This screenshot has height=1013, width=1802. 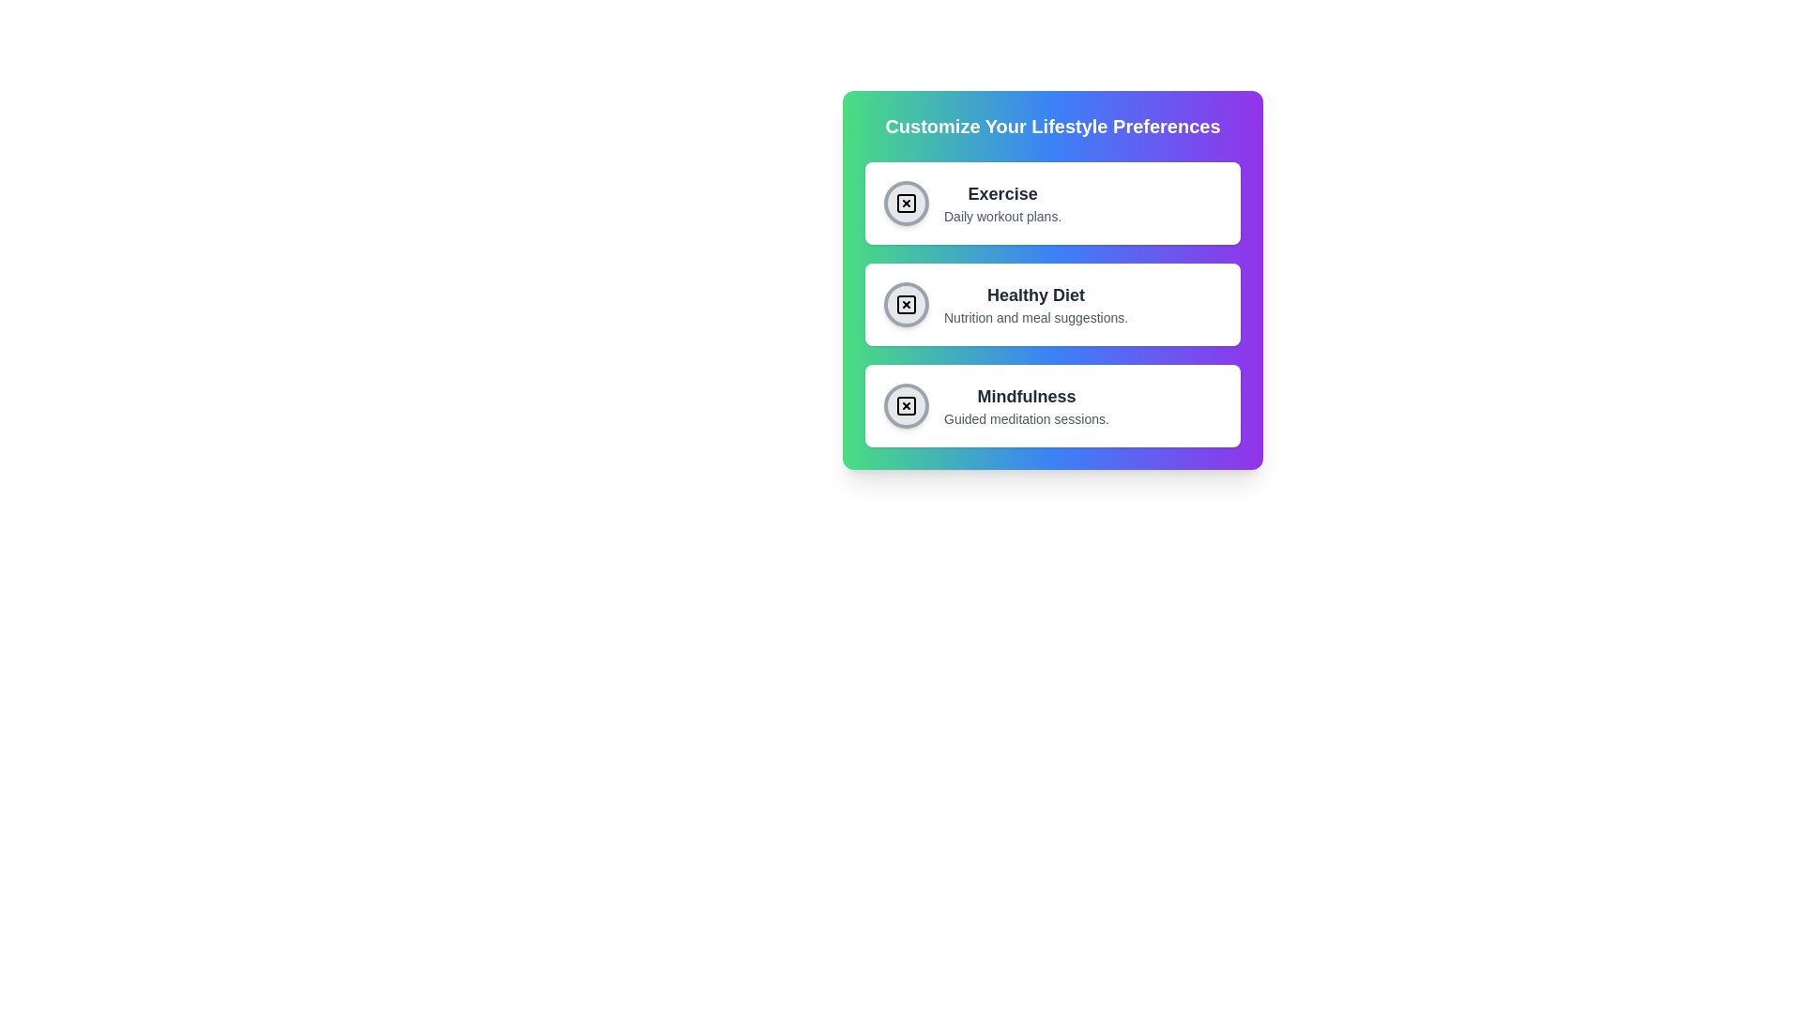 What do you see at coordinates (906, 303) in the screenshot?
I see `the icon with a small 'X' mark, located in the second entry of the vertical list titled 'Healthy Diet' within the 'Customize Your Lifestyle Preferences' panel` at bounding box center [906, 303].